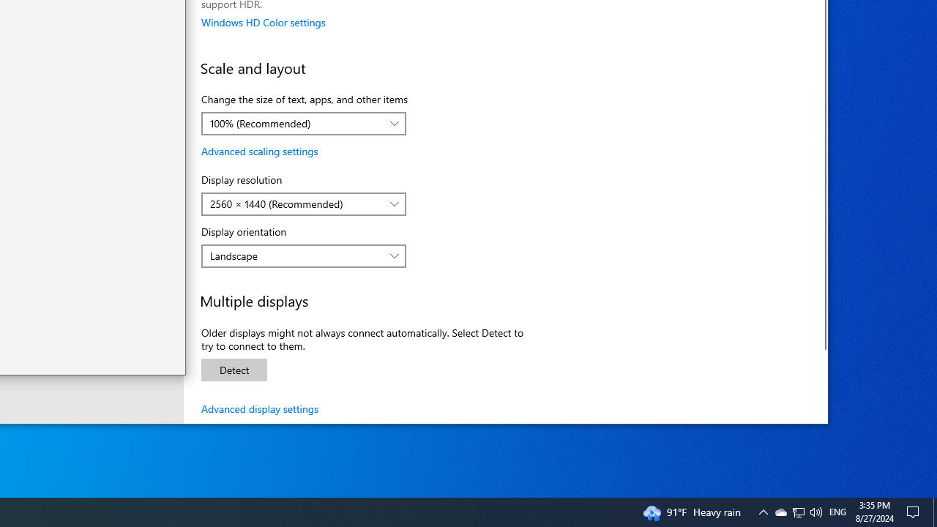 Image resolution: width=937 pixels, height=527 pixels. Describe the element at coordinates (762, 511) in the screenshot. I see `'Notification Chevron'` at that location.